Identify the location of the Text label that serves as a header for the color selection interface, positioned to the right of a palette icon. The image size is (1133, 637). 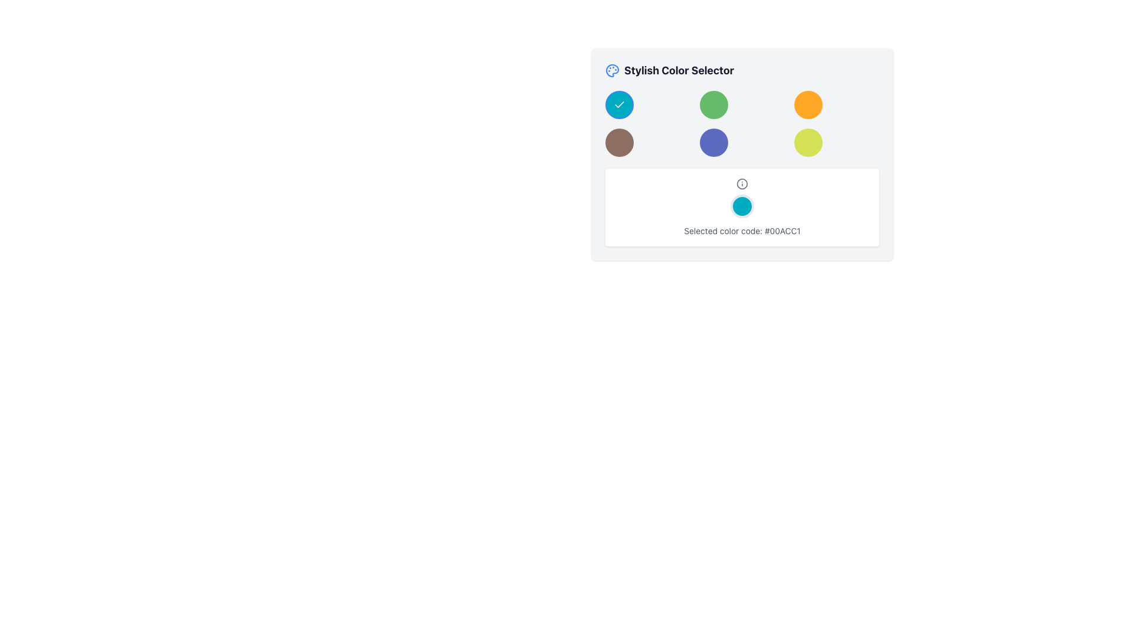
(679, 70).